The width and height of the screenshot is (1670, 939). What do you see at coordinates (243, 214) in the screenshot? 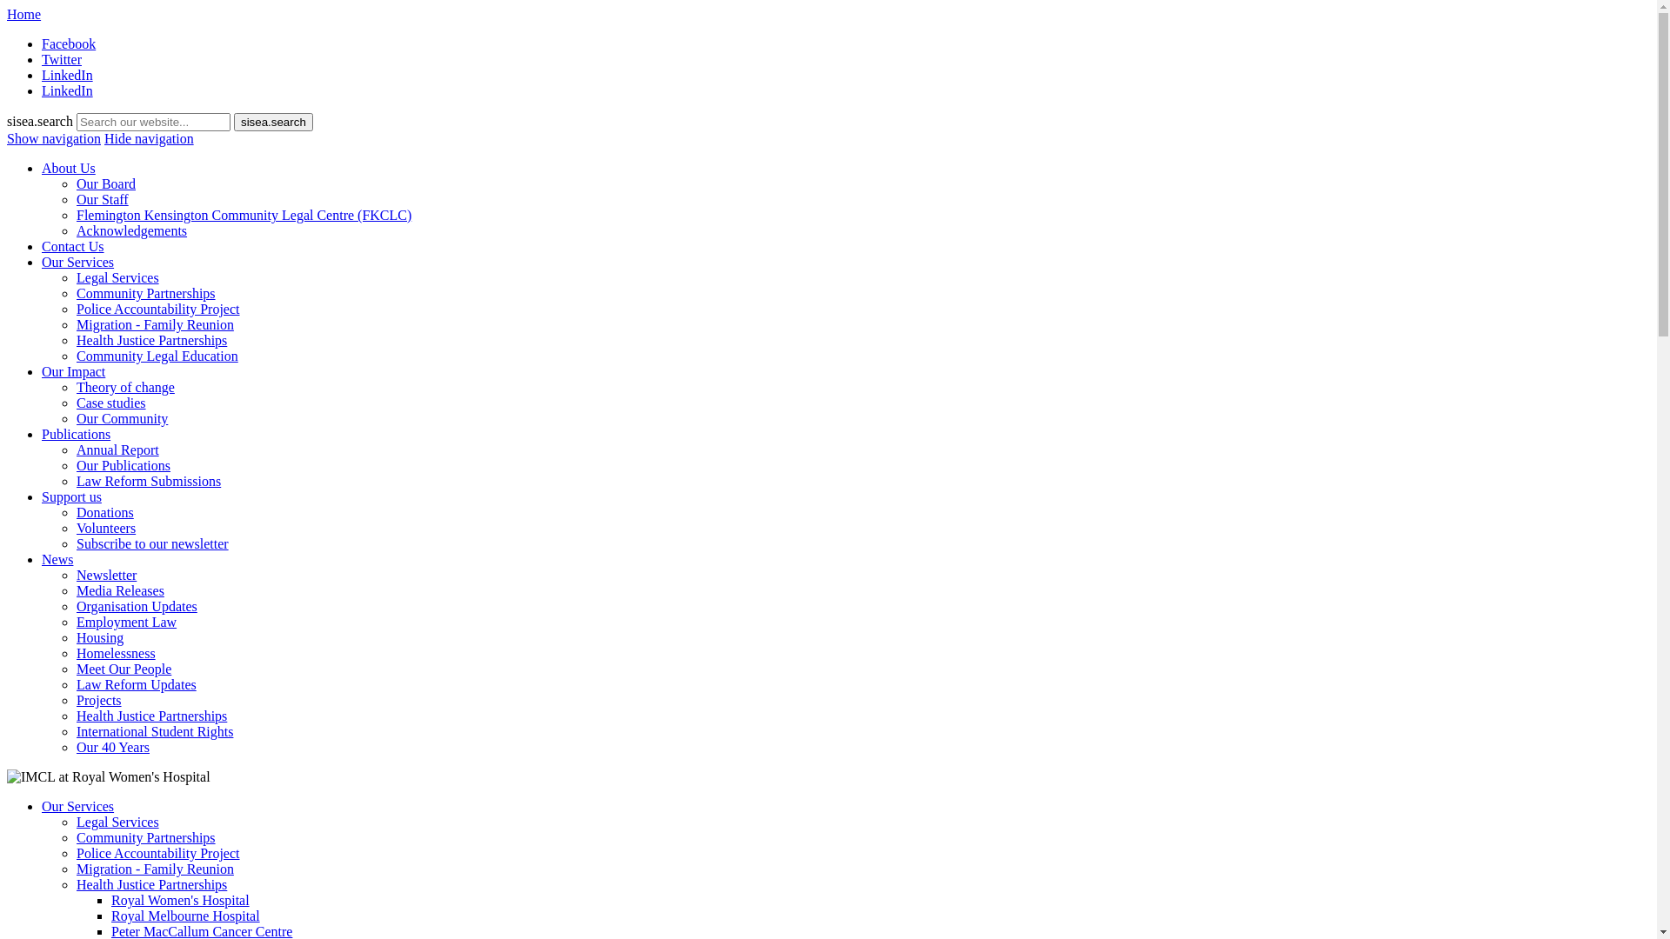
I see `'Flemington Kensington Community Legal Centre (FKCLC)'` at bounding box center [243, 214].